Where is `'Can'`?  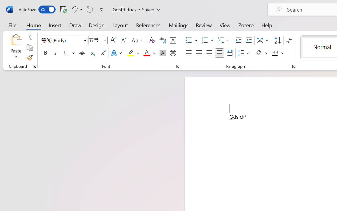 'Can' is located at coordinates (90, 9).